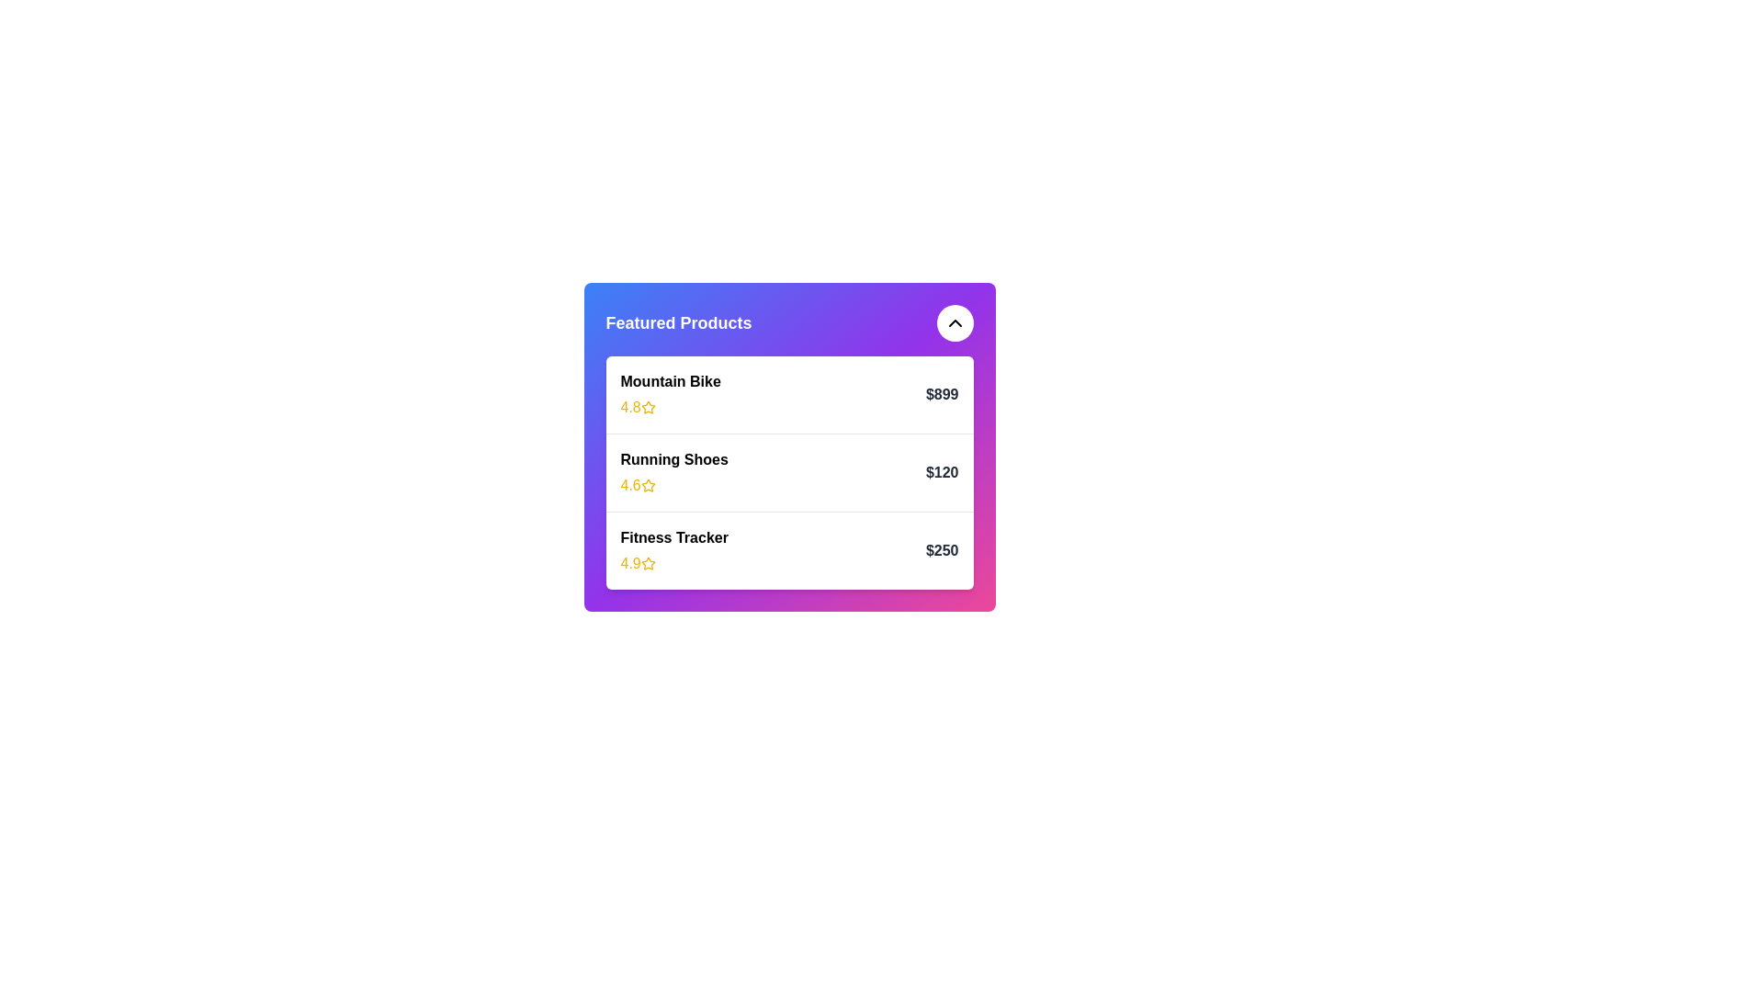 This screenshot has width=1764, height=992. Describe the element at coordinates (648, 562) in the screenshot. I see `the yellow star icon located in the bottom section of the 'Fitness Tracker' row to interact with the rating component` at that location.